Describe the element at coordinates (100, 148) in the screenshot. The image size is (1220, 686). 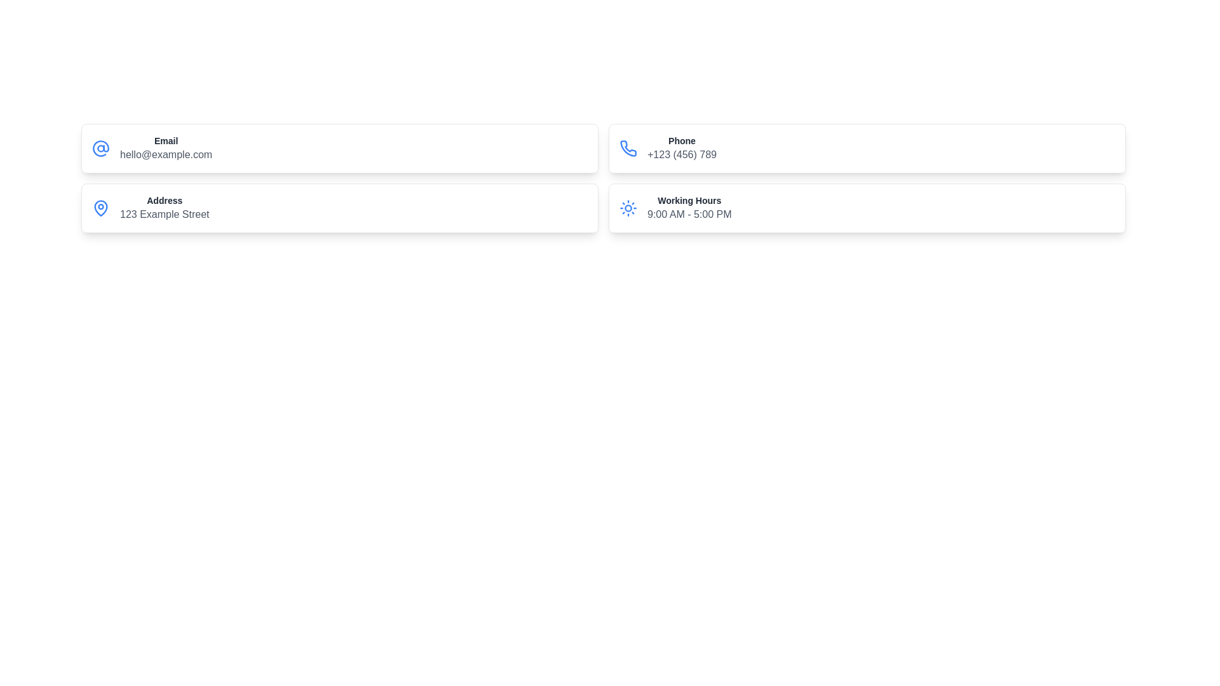
I see `the small circular shape filled with a solid color, which is part of the at-sign icon inside the 'Email' card, positioned above the text 'Email'` at that location.